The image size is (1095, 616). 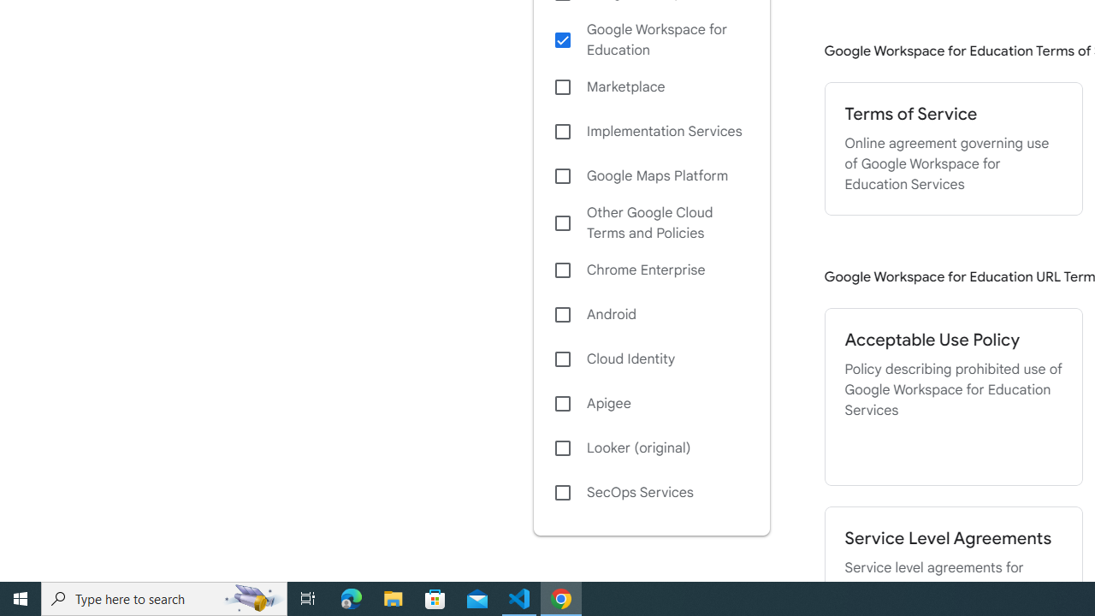 What do you see at coordinates (650, 358) in the screenshot?
I see `'Cloud Identity'` at bounding box center [650, 358].